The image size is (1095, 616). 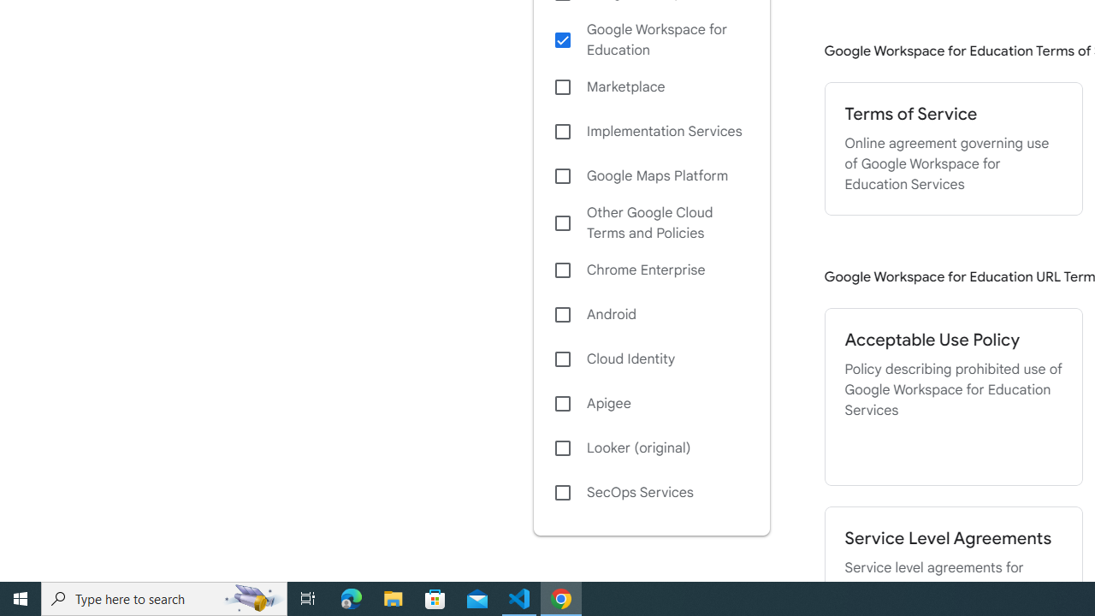 What do you see at coordinates (650, 358) in the screenshot?
I see `'Cloud Identity'` at bounding box center [650, 358].